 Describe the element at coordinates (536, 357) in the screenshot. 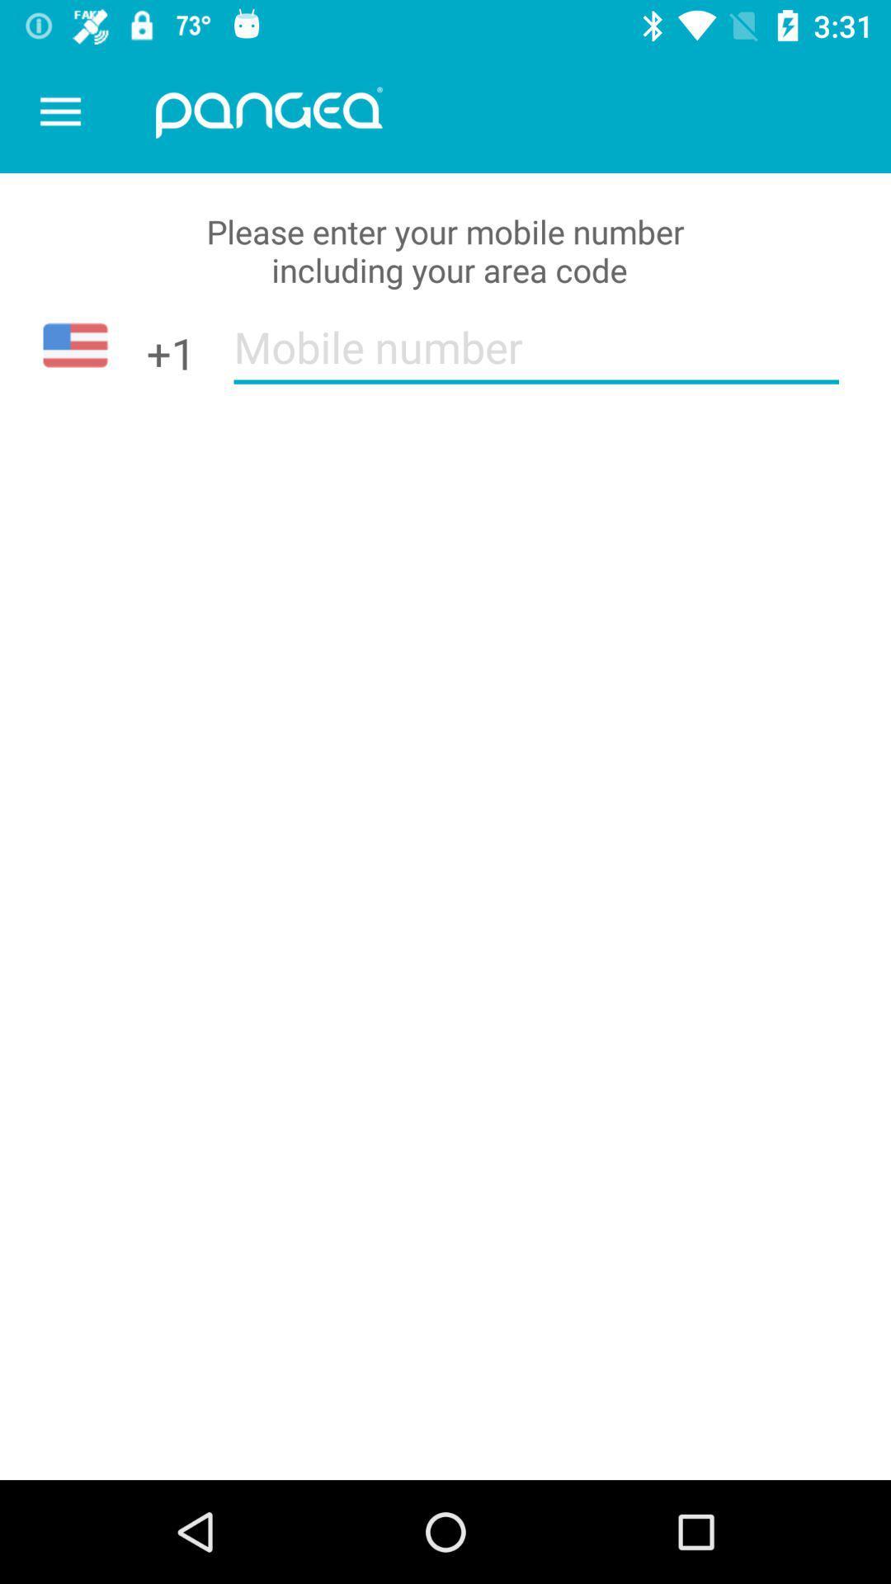

I see `icon next to +1 item` at that location.